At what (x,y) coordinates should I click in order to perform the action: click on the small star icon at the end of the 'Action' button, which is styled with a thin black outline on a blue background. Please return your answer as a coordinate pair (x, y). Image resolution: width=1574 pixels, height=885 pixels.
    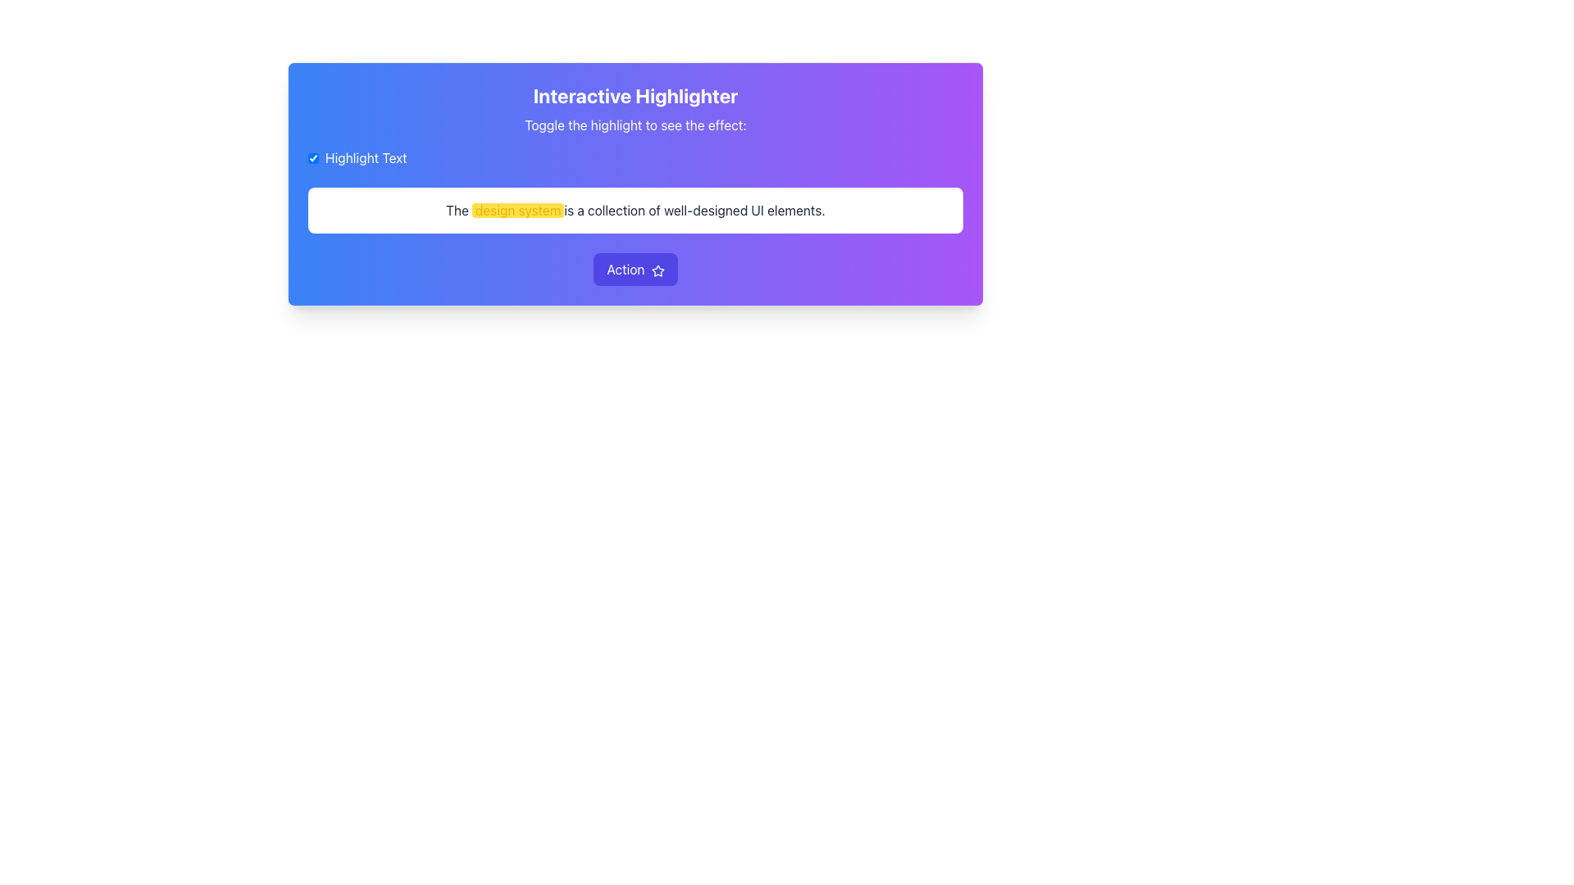
    Looking at the image, I should click on (657, 270).